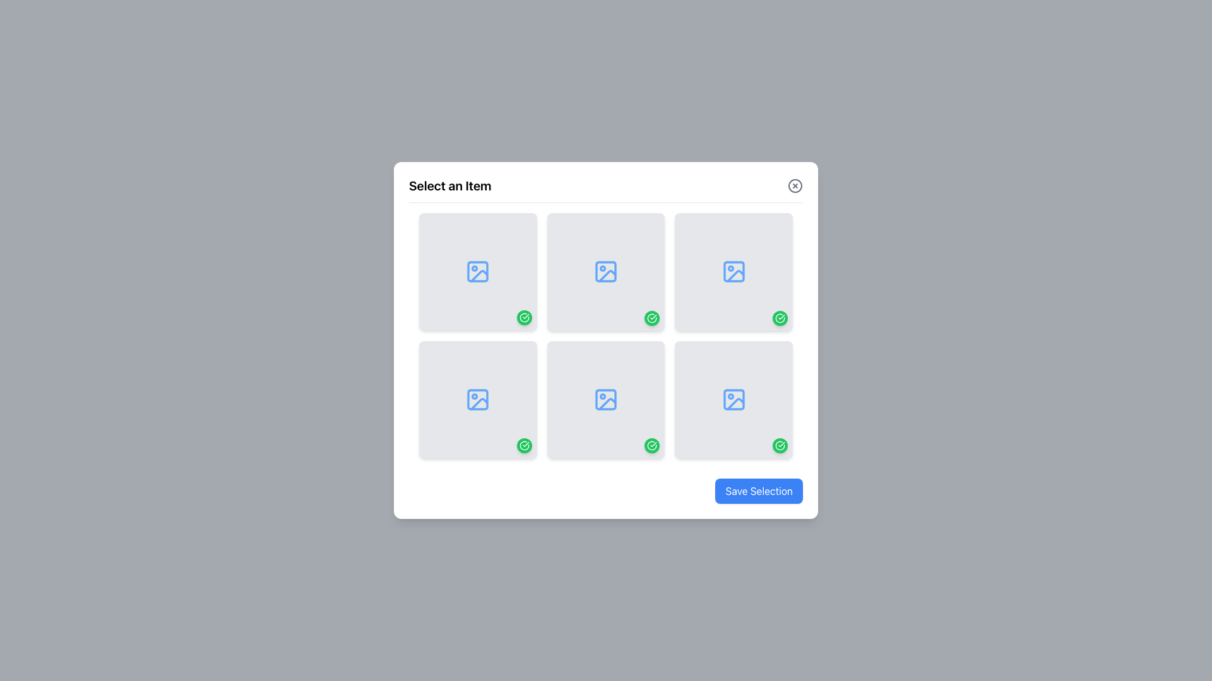 The height and width of the screenshot is (681, 1212). What do you see at coordinates (524, 317) in the screenshot?
I see `the circular icon with a green check mark located in the lower-left rectangle of the grid of selection blocks` at bounding box center [524, 317].